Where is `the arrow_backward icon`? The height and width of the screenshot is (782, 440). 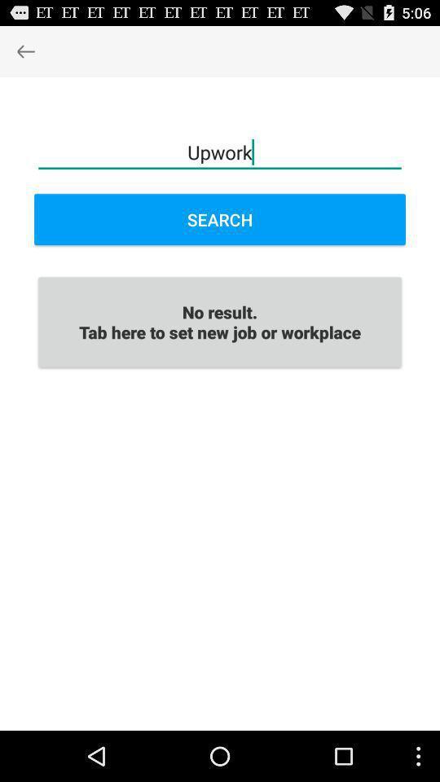
the arrow_backward icon is located at coordinates (24, 55).